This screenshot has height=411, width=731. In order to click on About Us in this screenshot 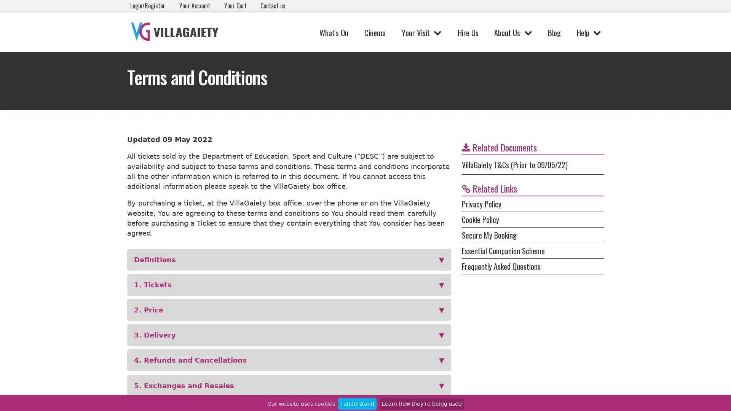, I will do `click(513, 32)`.